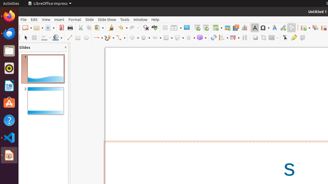 The width and height of the screenshot is (328, 184). I want to click on 'Media', so click(235, 28).